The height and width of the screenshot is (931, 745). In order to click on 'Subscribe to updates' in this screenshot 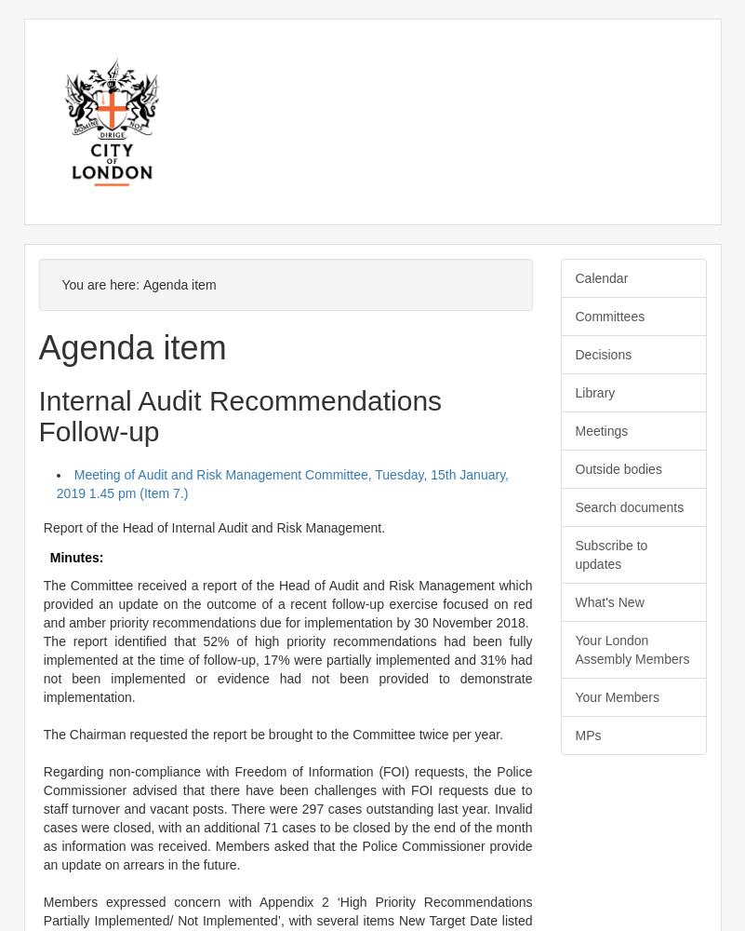, I will do `click(574, 554)`.